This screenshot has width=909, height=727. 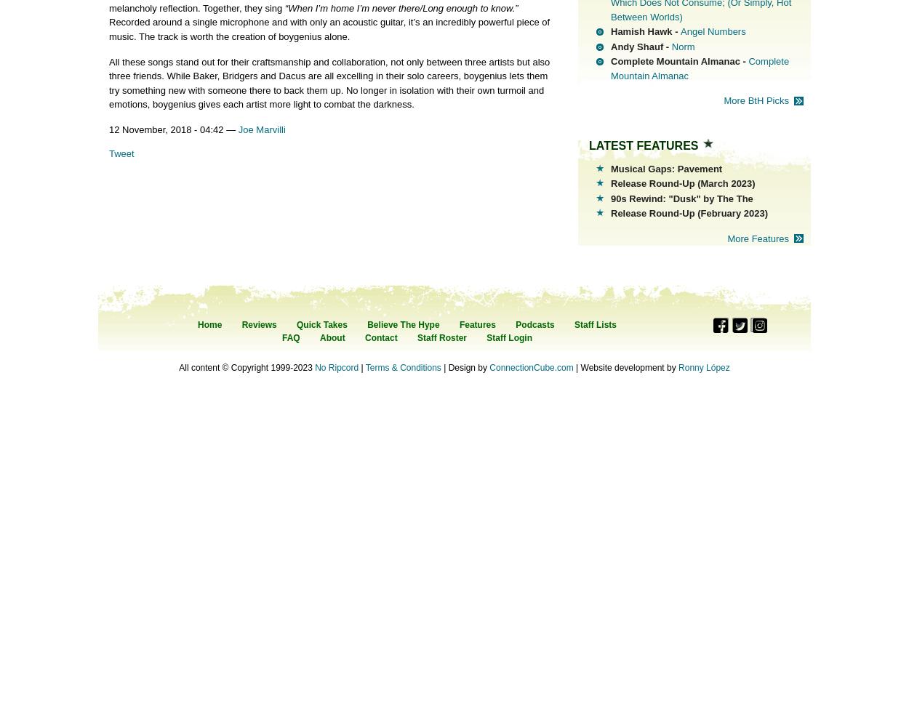 What do you see at coordinates (121, 152) in the screenshot?
I see `'Tweet'` at bounding box center [121, 152].